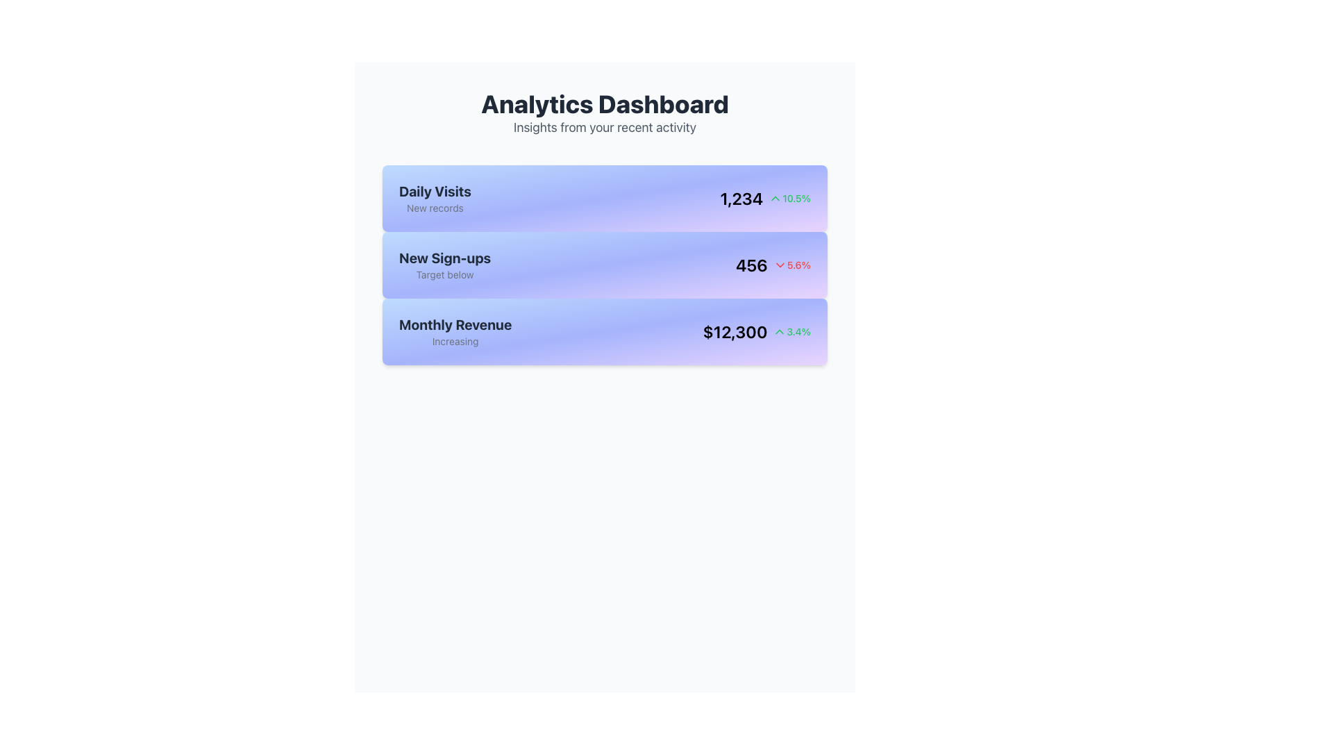 This screenshot has height=750, width=1333. I want to click on the Text group that displays the title and descriptive status for the 'Monthly Revenue' metric located on the third card in the vertical list of cards, so click(455, 332).